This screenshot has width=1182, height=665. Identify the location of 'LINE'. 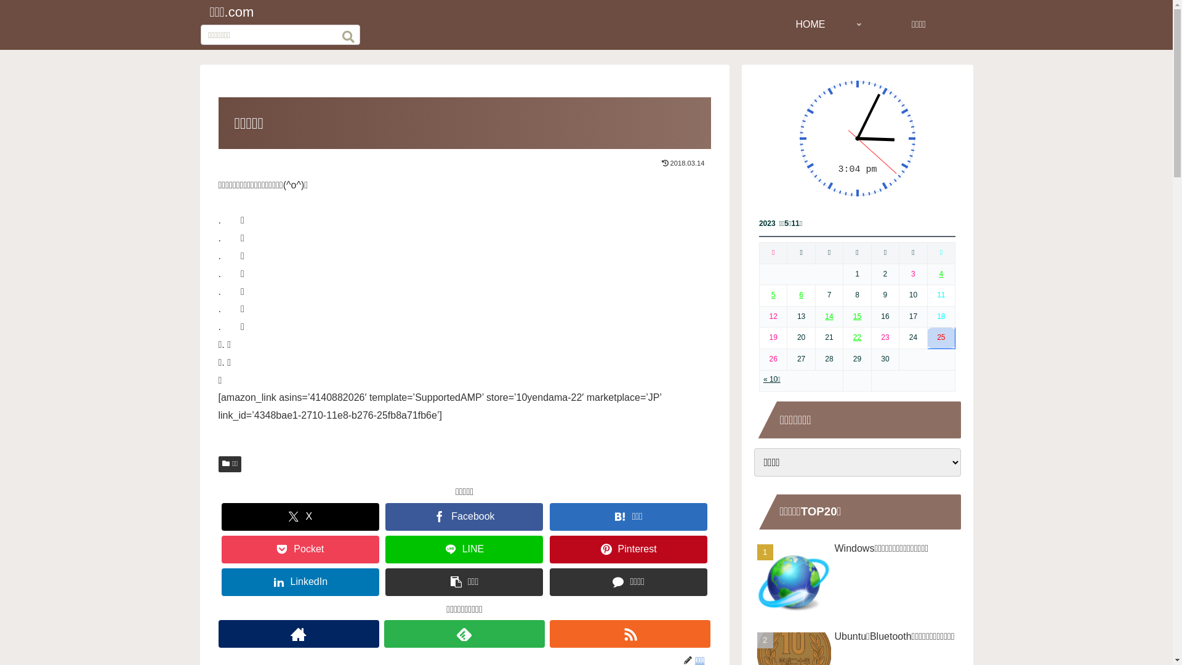
(463, 549).